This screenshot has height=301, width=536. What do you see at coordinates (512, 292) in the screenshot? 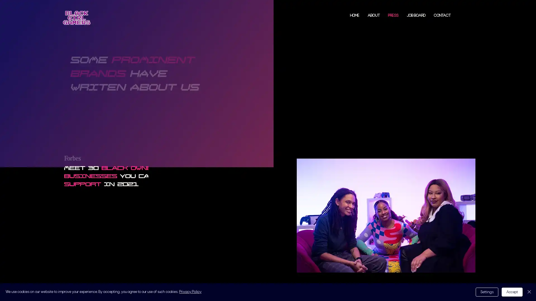
I see `Accept` at bounding box center [512, 292].